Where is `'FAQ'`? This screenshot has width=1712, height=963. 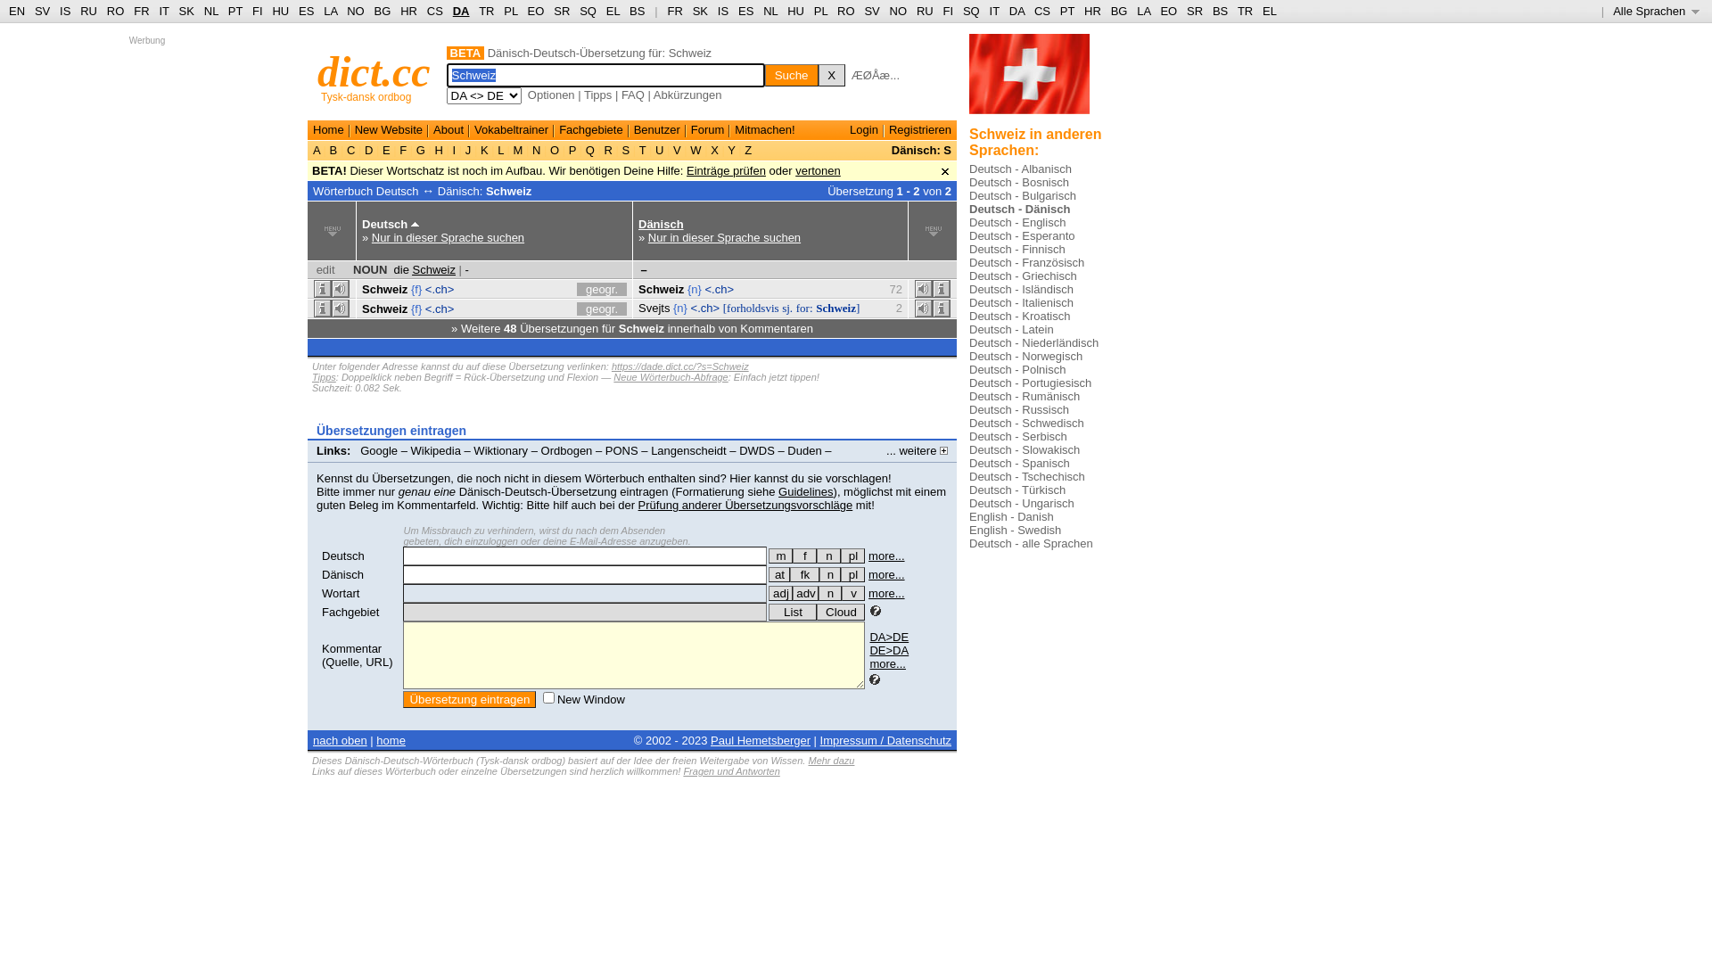
'FAQ' is located at coordinates (633, 95).